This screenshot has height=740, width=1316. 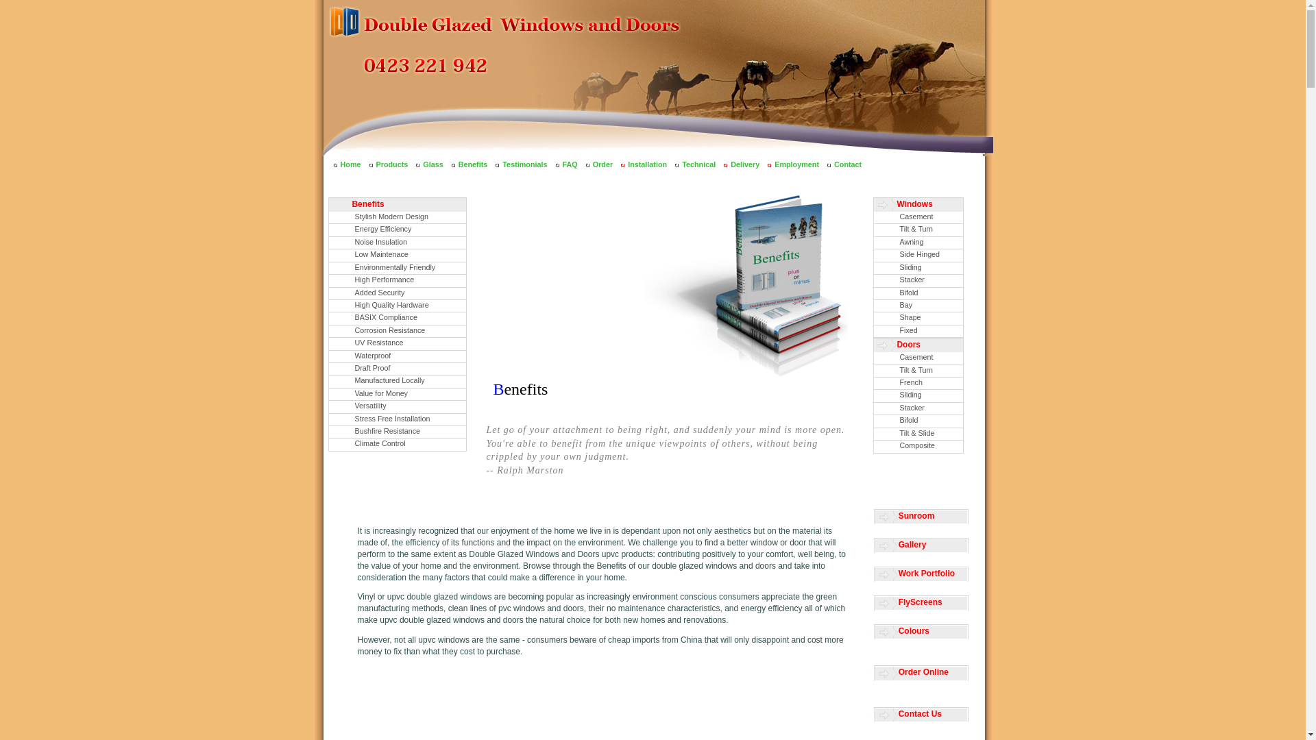 I want to click on 'Contact', so click(x=847, y=163).